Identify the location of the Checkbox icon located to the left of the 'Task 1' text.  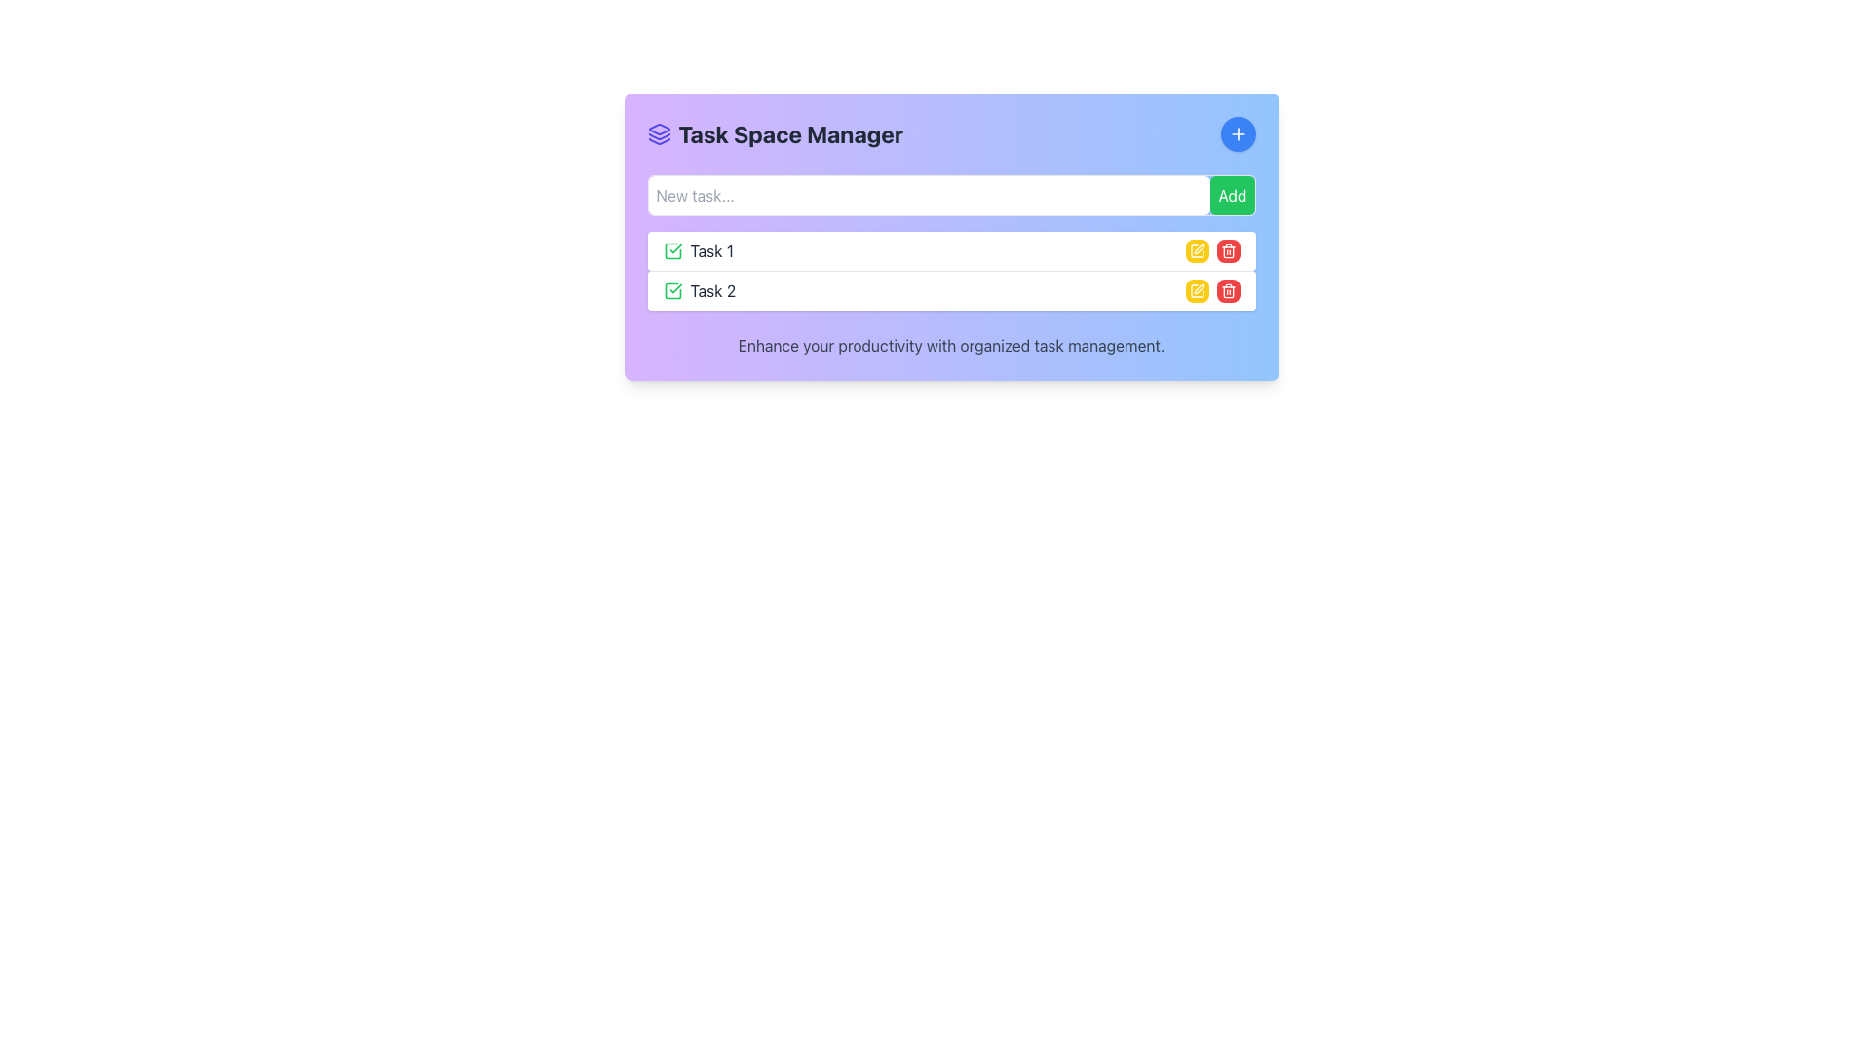
(672, 250).